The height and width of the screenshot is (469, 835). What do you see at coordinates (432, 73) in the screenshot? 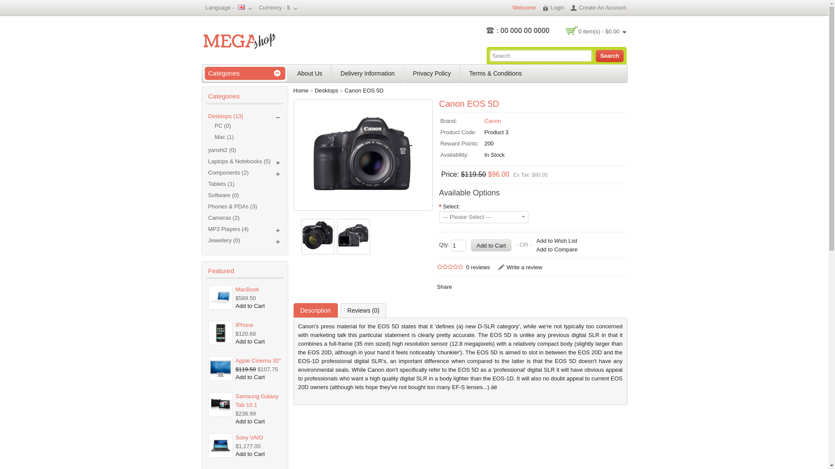
I see `'Privacy Policy'` at bounding box center [432, 73].